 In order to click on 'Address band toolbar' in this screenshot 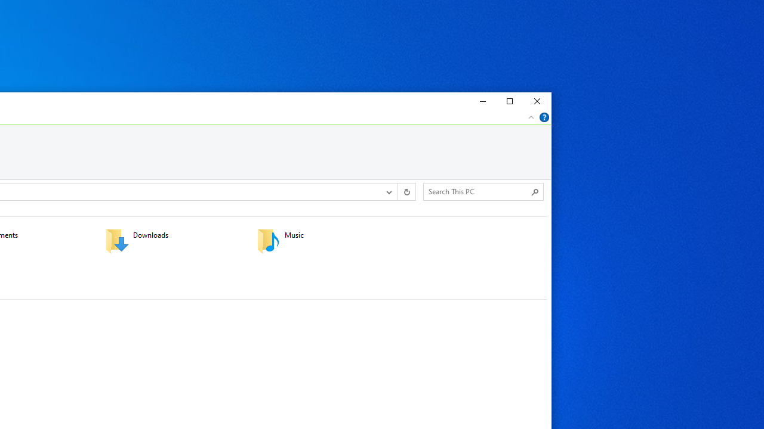, I will do `click(398, 191)`.